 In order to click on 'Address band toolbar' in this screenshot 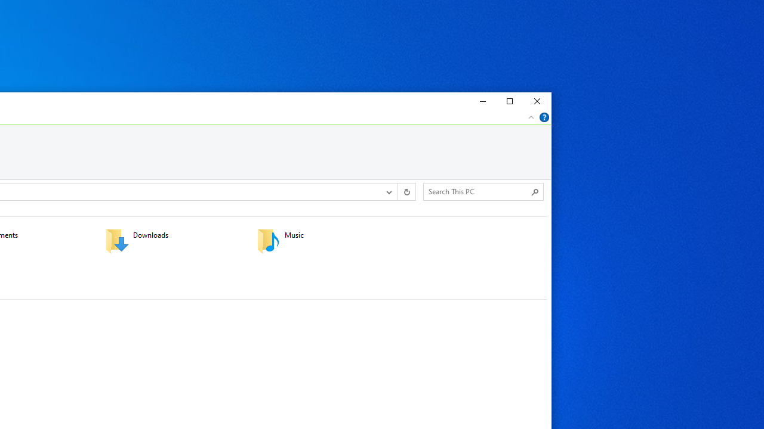, I will do `click(398, 191)`.